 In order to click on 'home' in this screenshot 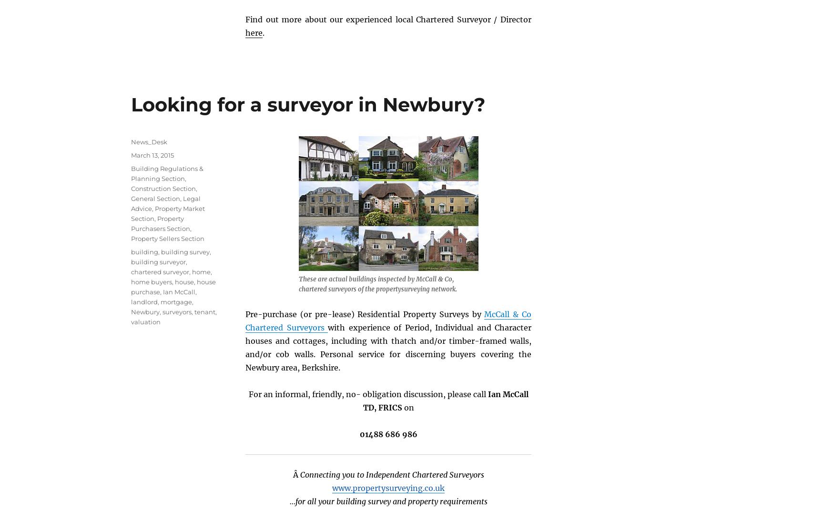, I will do `click(192, 271)`.